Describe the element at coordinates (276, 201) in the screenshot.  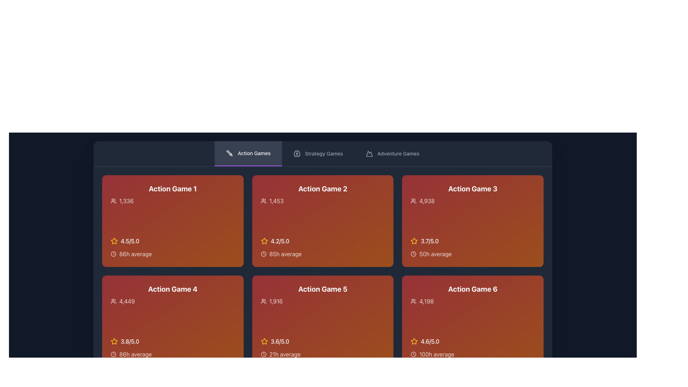
I see `participant count information displayed in the label located in the upper-left portion of the 'Action Game 2' card, adjacent to the user icon` at that location.